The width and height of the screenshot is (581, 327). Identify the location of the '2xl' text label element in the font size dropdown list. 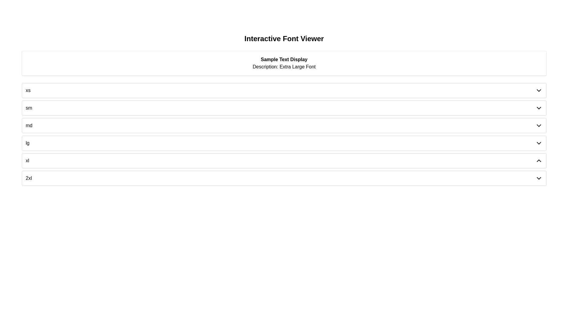
(28, 178).